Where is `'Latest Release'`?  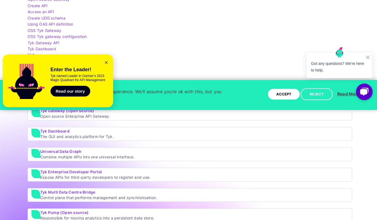 'Latest Release' is located at coordinates (41, 61).